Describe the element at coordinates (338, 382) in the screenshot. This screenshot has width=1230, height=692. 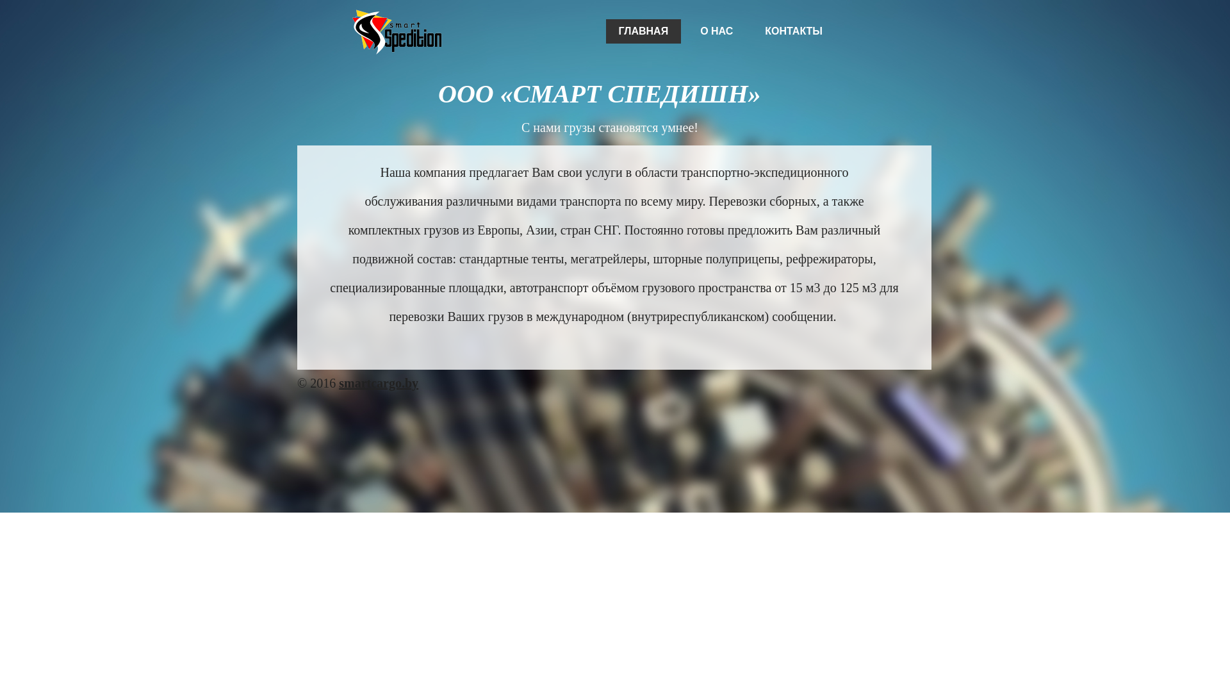
I see `'smartcargo.by'` at that location.